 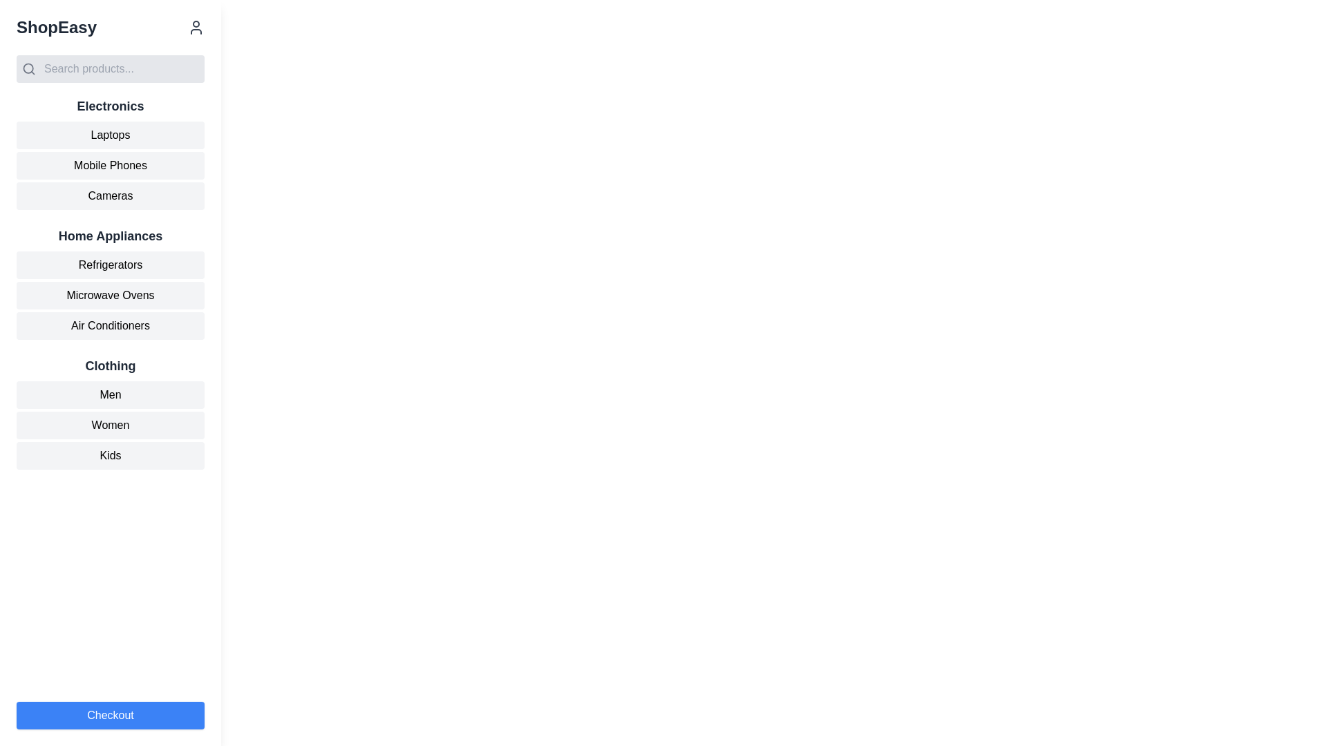 I want to click on the 'Men' button located at the top of the vertical button group under the 'Clothing' heading in the sidebar menu, so click(x=109, y=394).